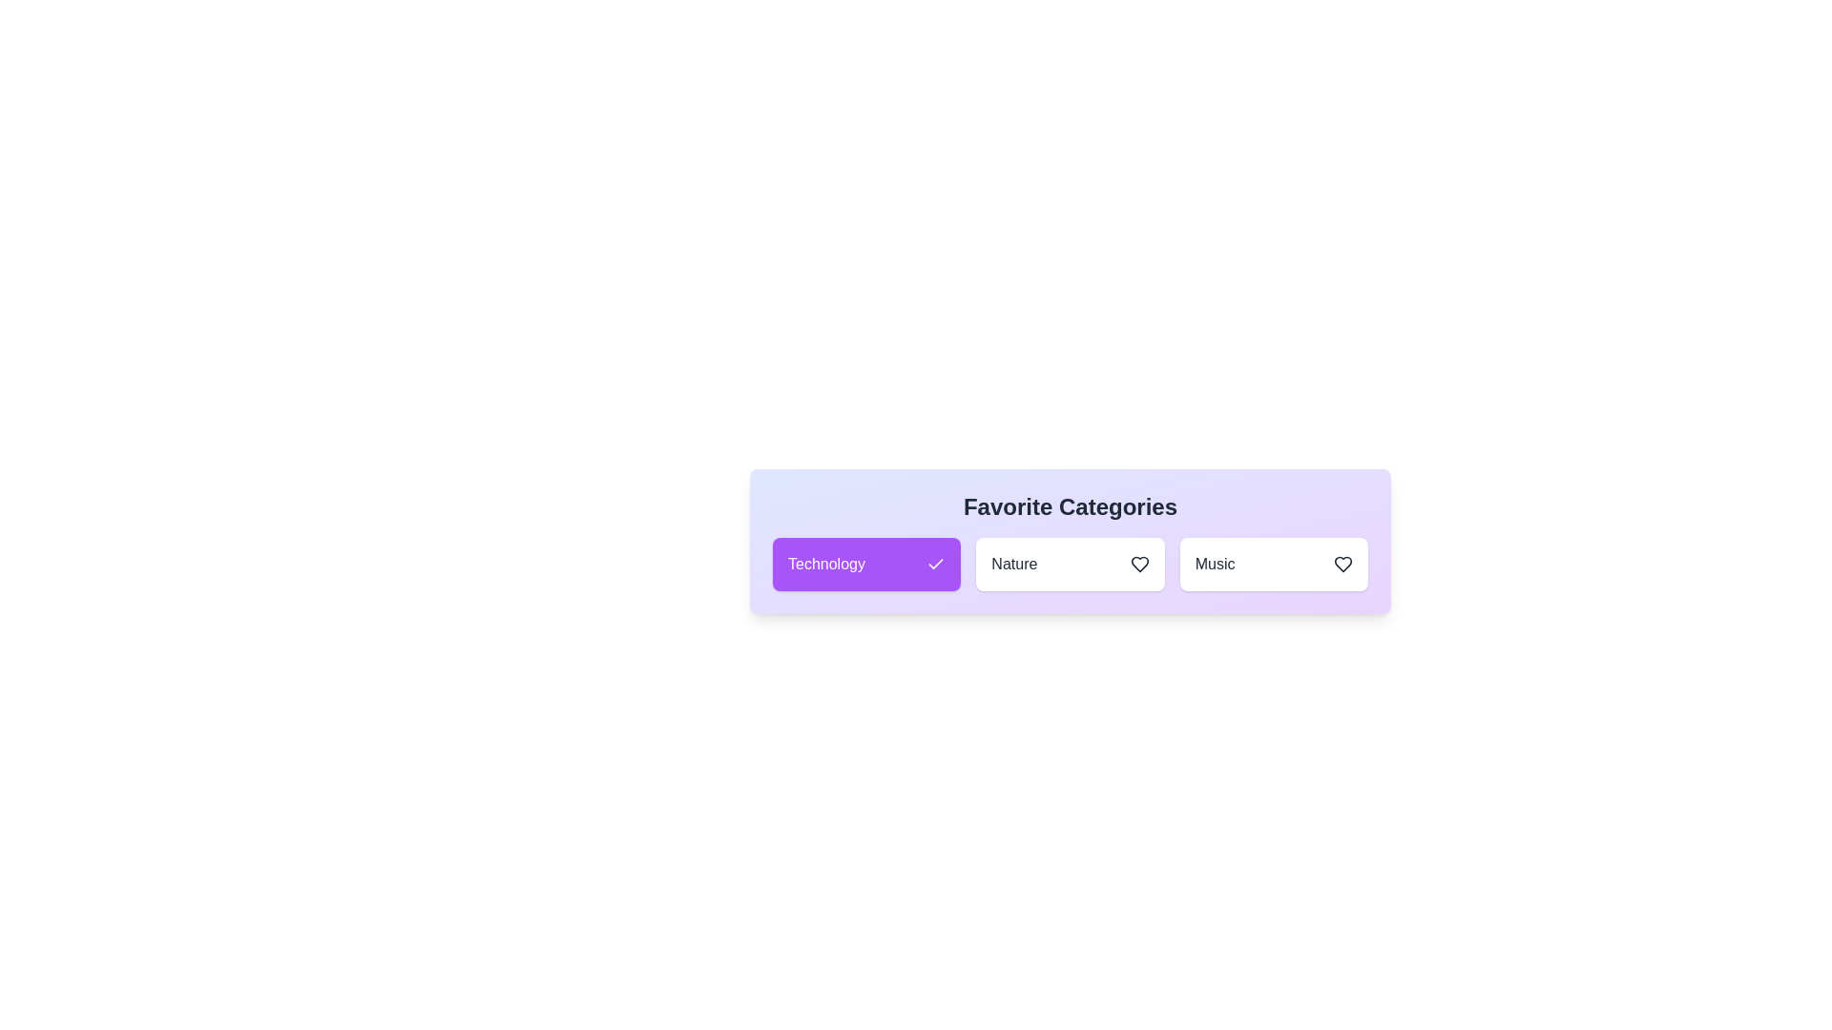  Describe the element at coordinates (1071, 563) in the screenshot. I see `the category Nature to observe its hover effect` at that location.